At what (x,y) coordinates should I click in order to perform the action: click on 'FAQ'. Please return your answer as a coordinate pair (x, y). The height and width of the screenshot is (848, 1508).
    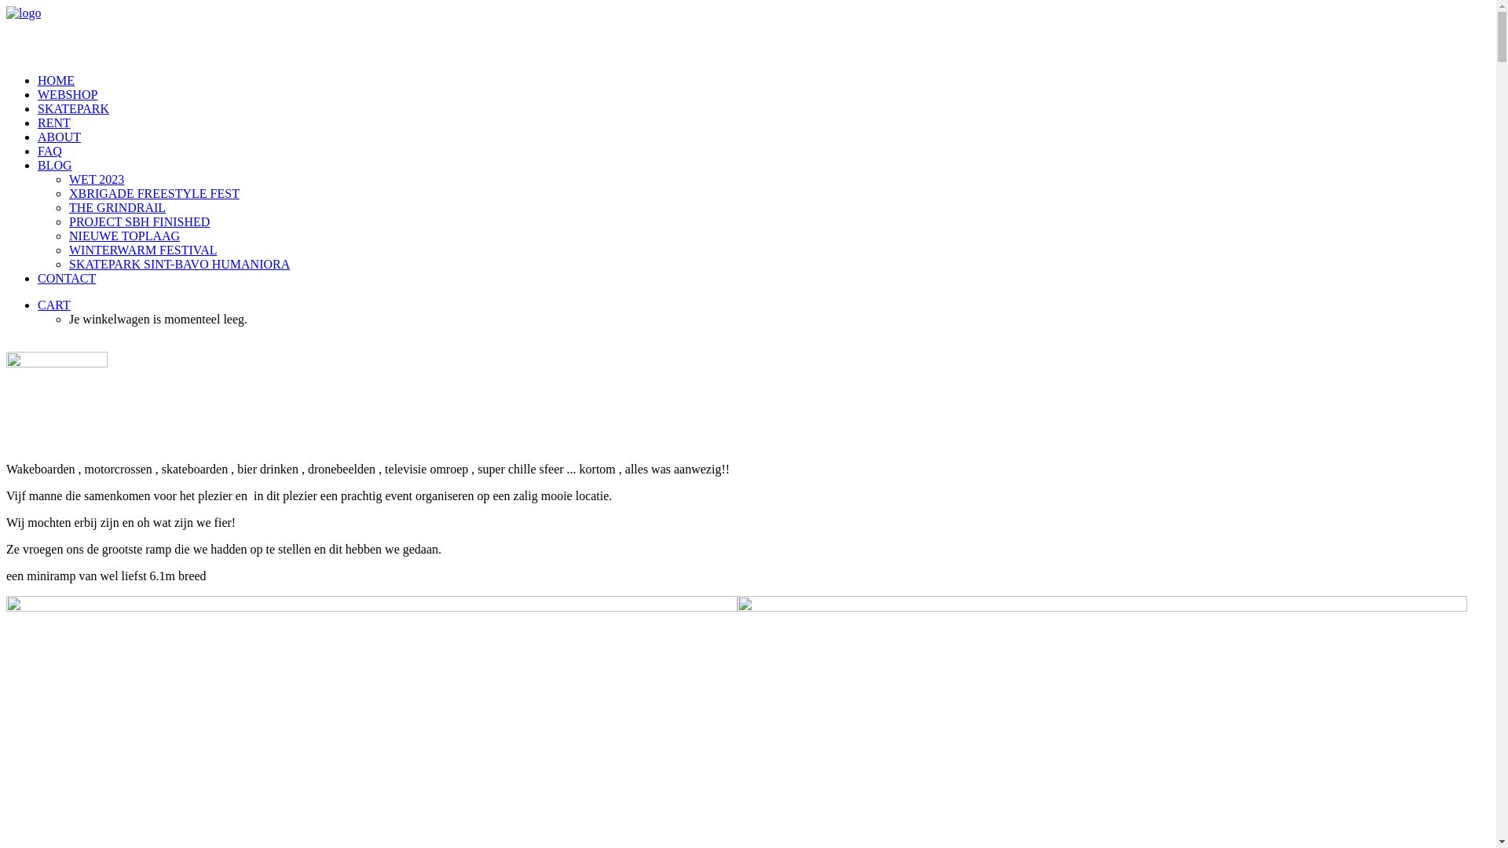
    Looking at the image, I should click on (38, 151).